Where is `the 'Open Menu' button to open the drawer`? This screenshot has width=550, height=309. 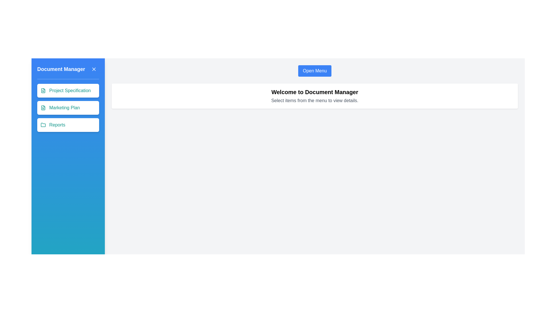 the 'Open Menu' button to open the drawer is located at coordinates (315, 70).